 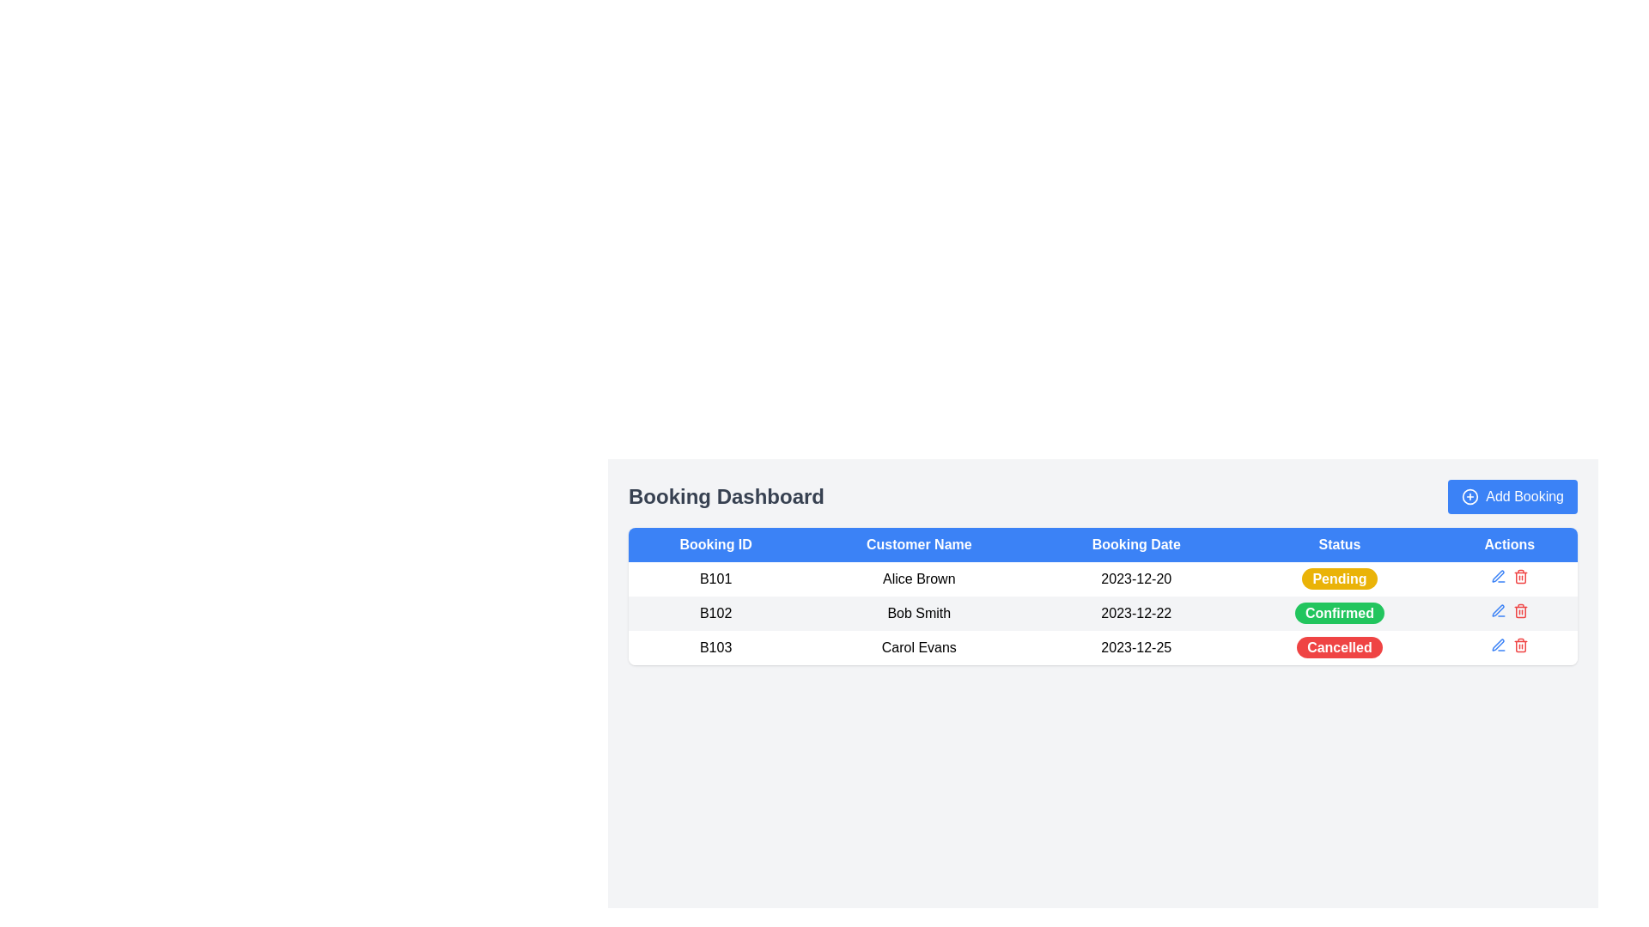 What do you see at coordinates (1497, 609) in the screenshot?
I see `the edit icon button located in the Actions column of the booking entry` at bounding box center [1497, 609].